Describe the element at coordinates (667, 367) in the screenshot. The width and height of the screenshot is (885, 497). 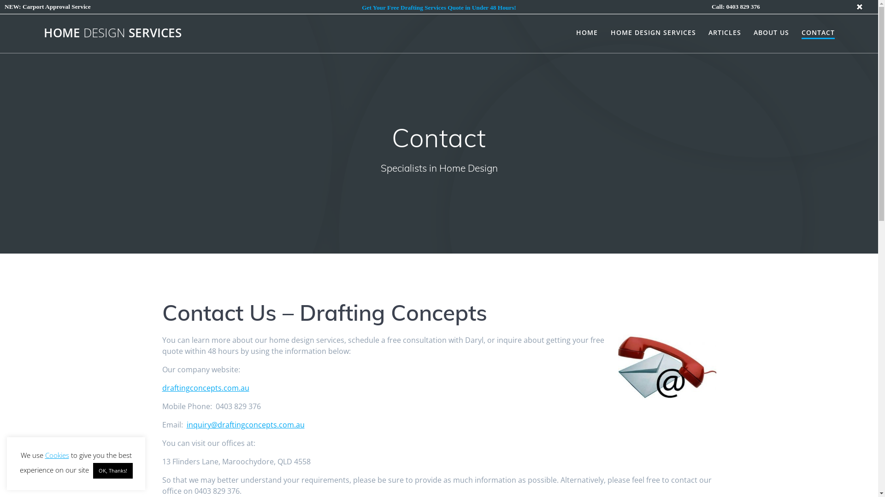
I see `'Optimized.ContactUs'` at that location.